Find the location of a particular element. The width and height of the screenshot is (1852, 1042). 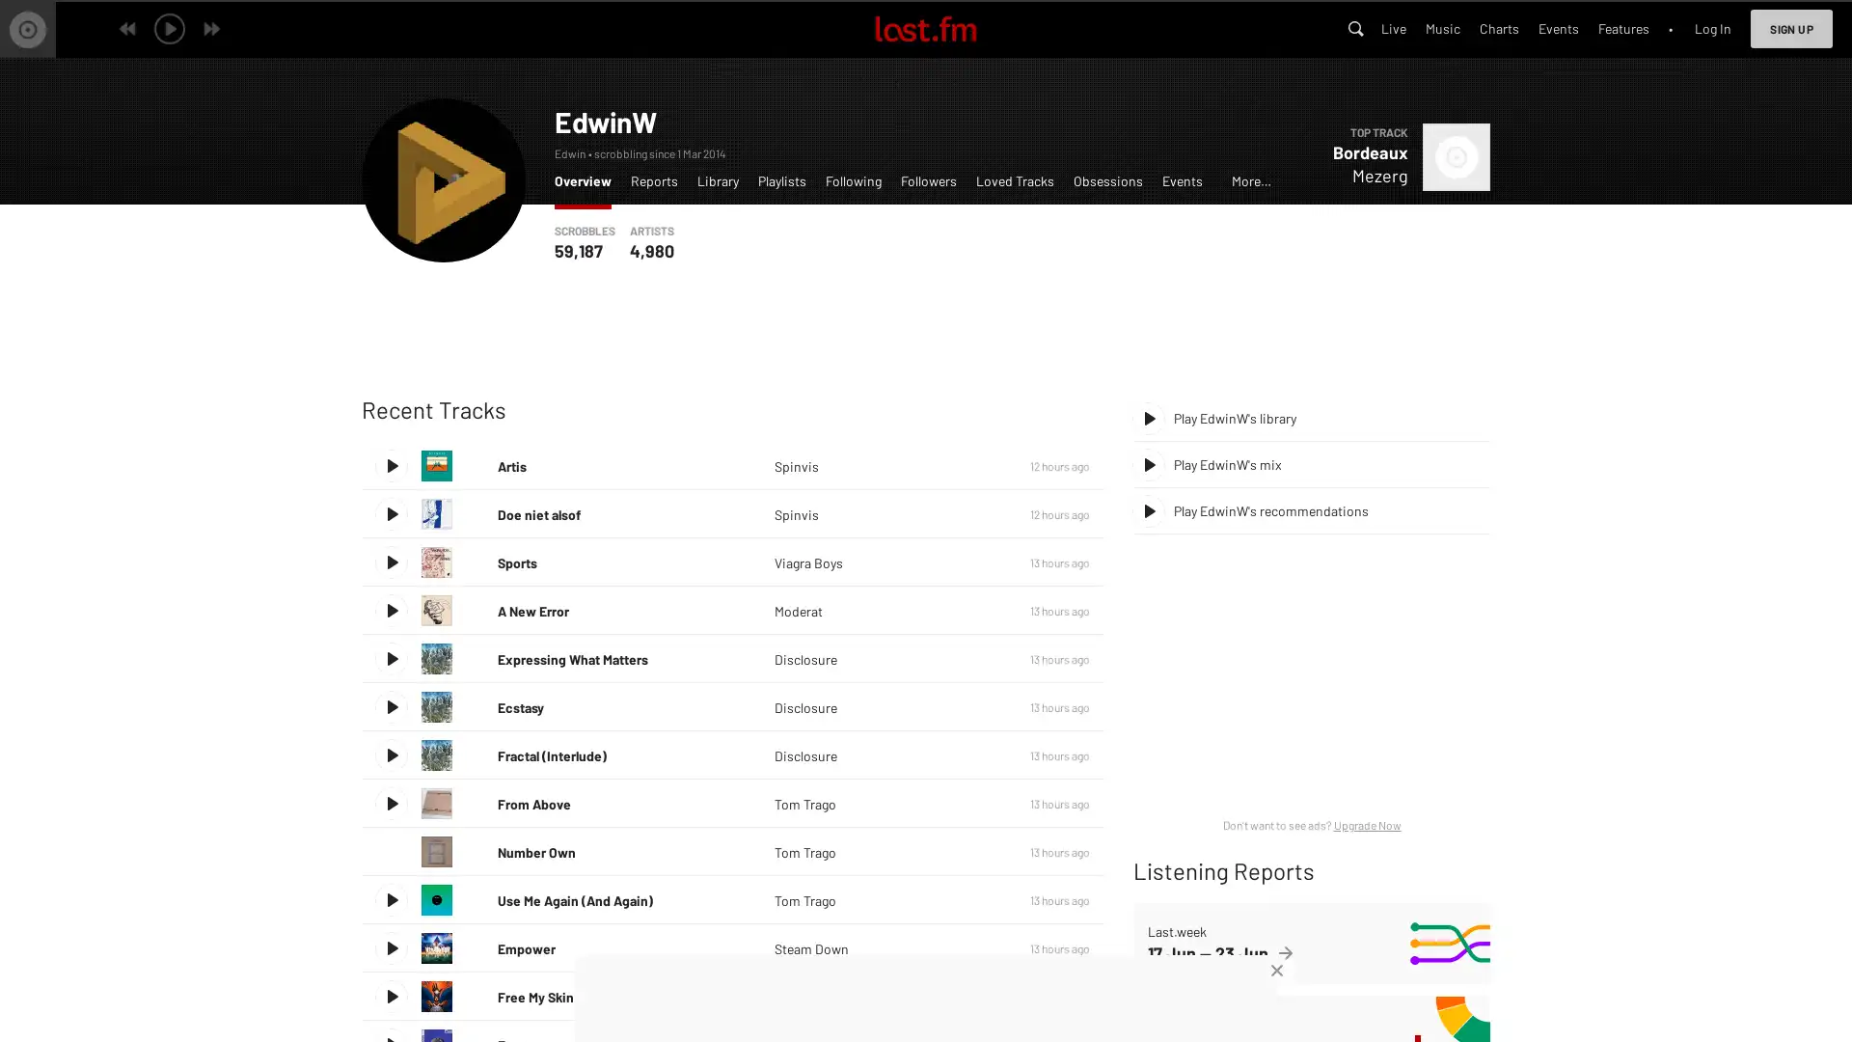

Buy is located at coordinates (972, 512).